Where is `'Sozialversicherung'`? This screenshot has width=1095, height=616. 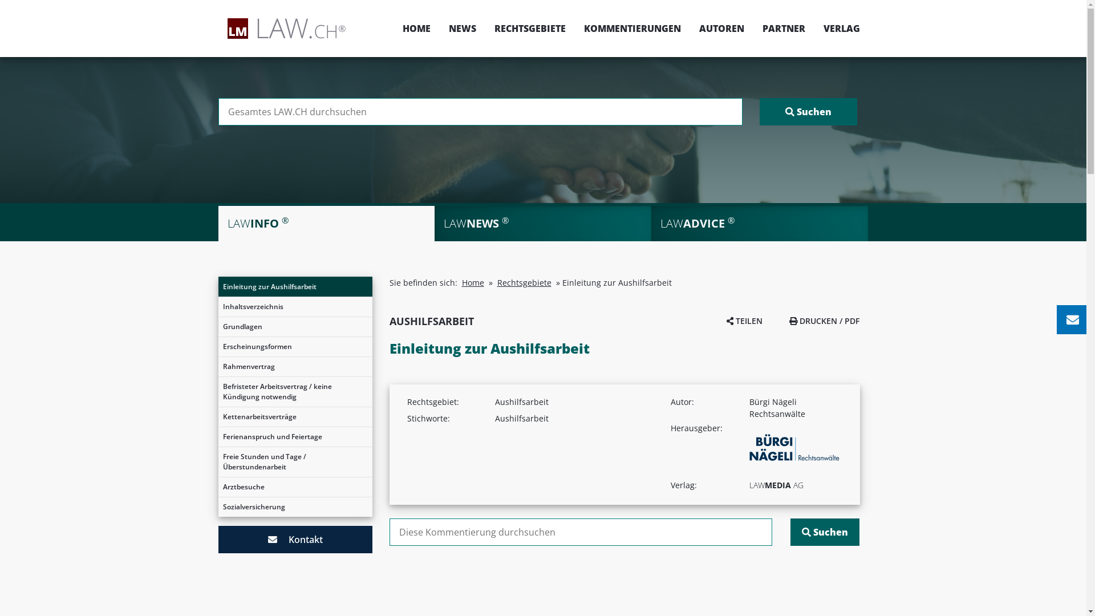
'Sozialversicherung' is located at coordinates (218, 506).